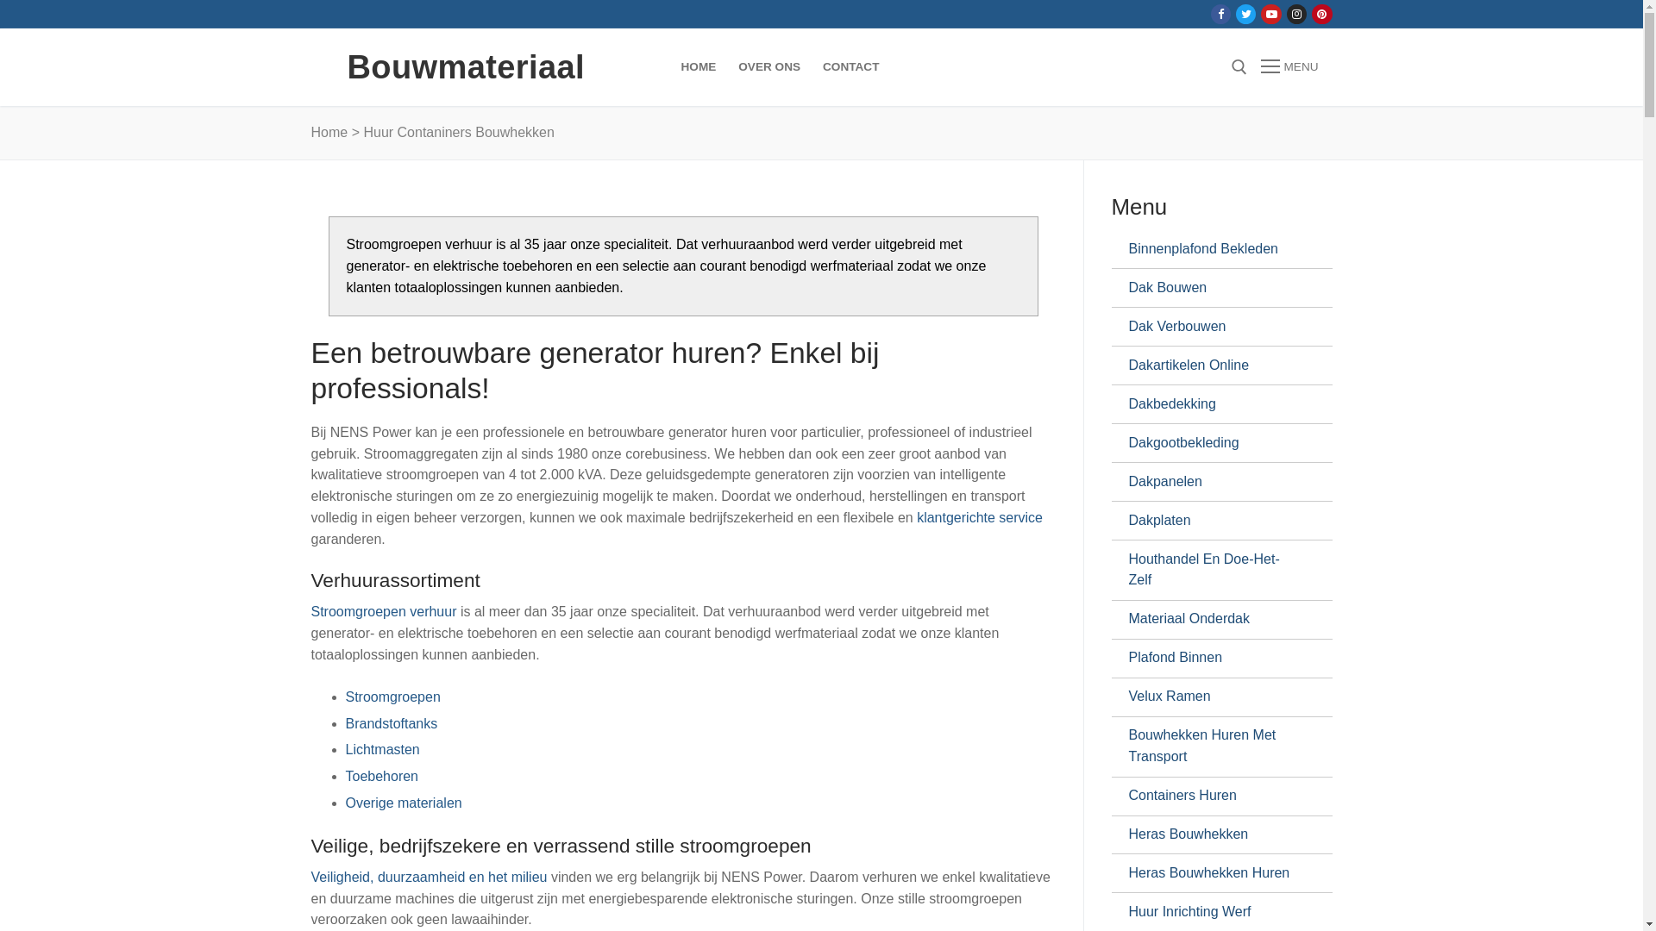 This screenshot has width=1656, height=931. What do you see at coordinates (1128, 834) in the screenshot?
I see `'Heras Bouwhekken'` at bounding box center [1128, 834].